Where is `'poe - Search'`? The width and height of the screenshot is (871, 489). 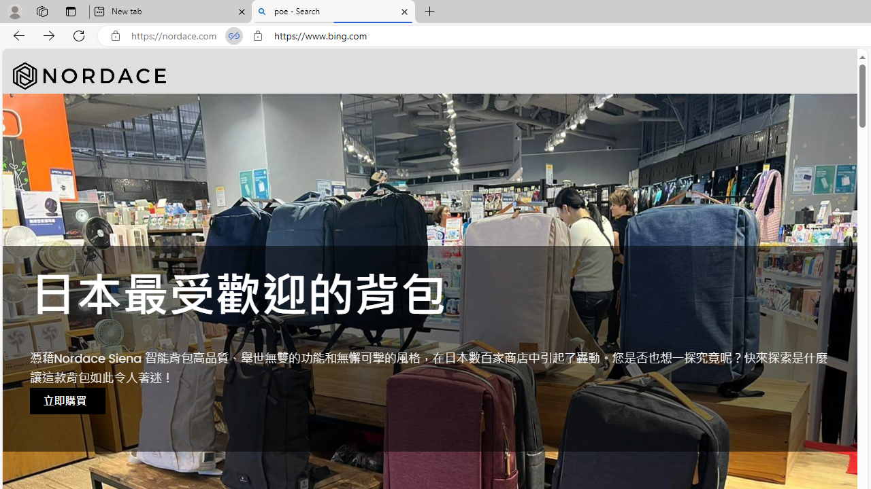
'poe - Search' is located at coordinates (333, 12).